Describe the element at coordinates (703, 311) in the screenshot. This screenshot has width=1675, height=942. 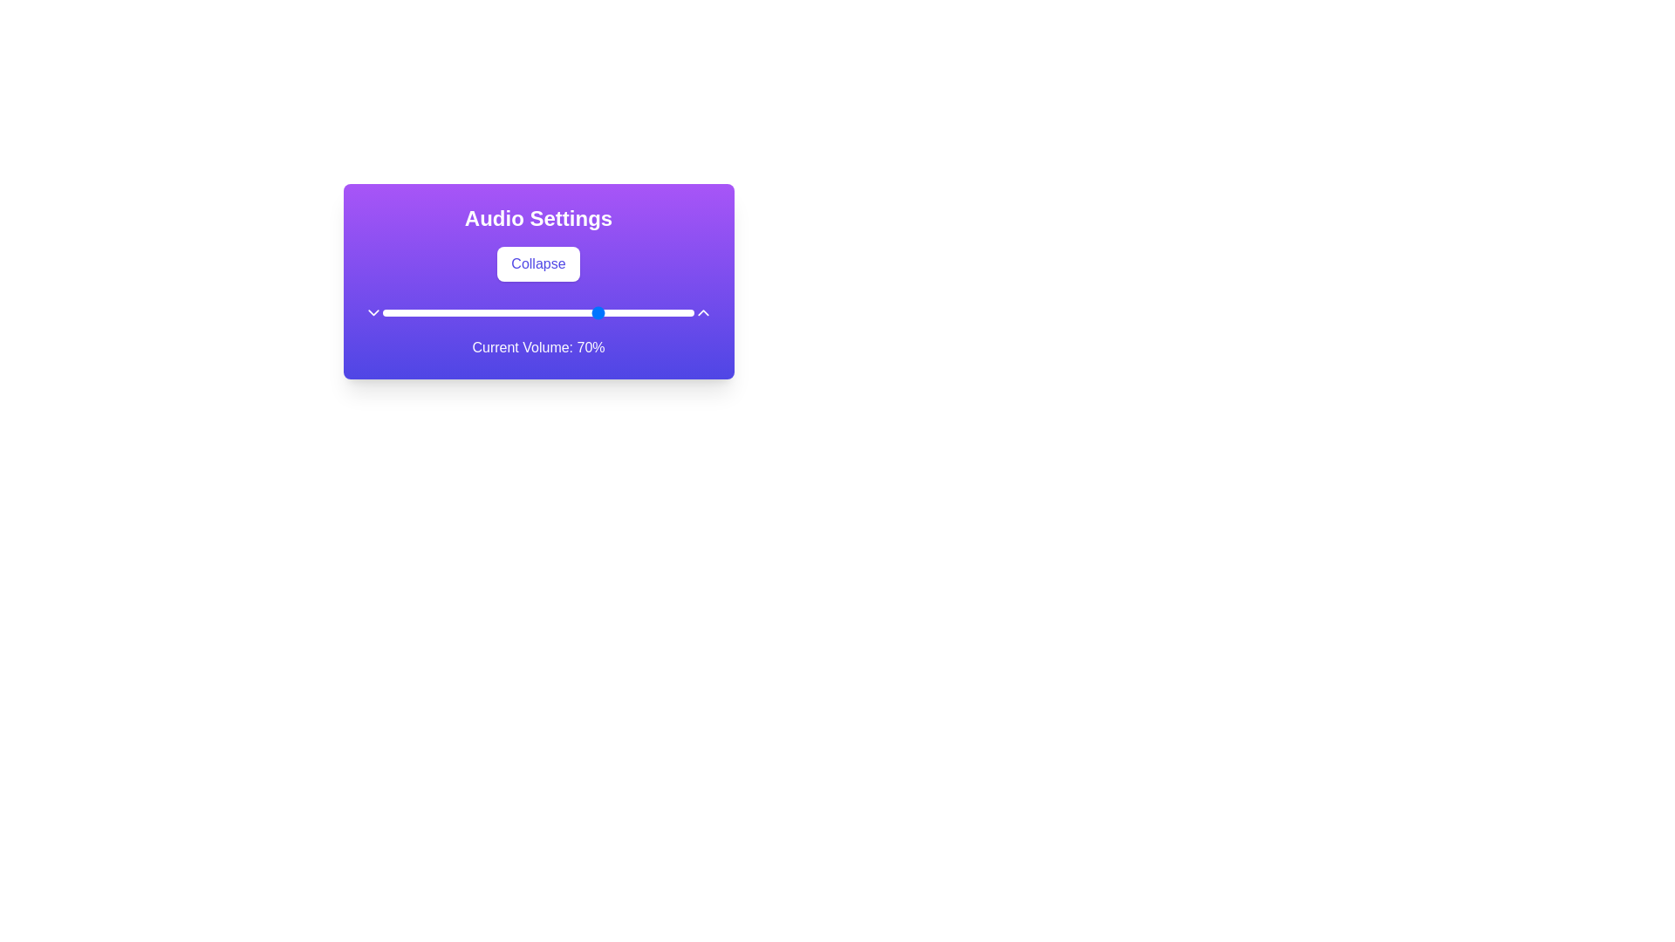
I see `the upwards arrow button to increase the volume` at that location.